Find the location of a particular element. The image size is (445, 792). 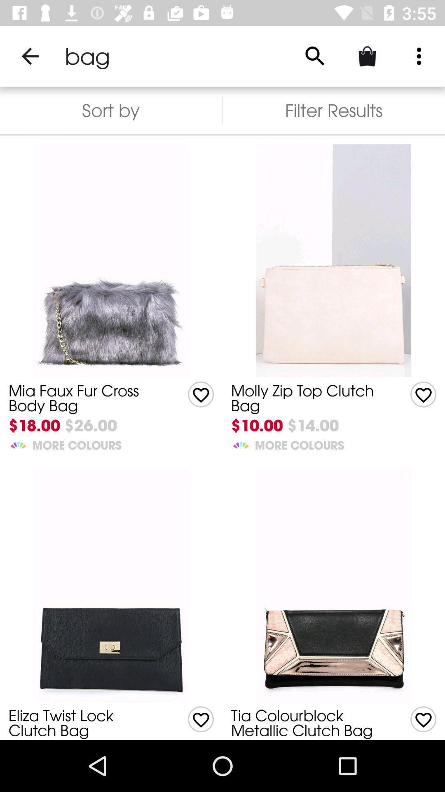

like is located at coordinates (423, 394).